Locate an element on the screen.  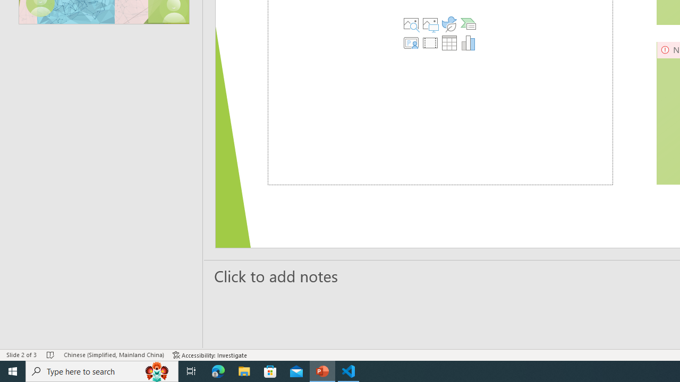
'Insert a SmartArt Graphic' is located at coordinates (468, 24).